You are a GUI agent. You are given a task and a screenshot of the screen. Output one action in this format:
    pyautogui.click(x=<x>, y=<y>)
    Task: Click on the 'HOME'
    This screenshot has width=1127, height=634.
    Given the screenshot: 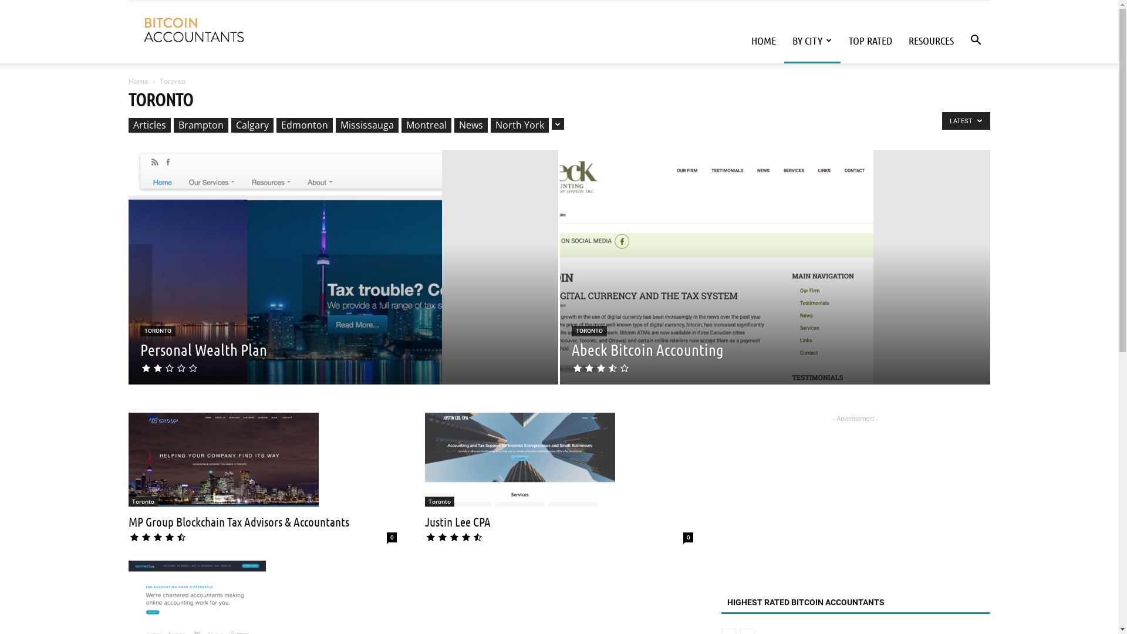 What is the action you would take?
    pyautogui.click(x=763, y=40)
    